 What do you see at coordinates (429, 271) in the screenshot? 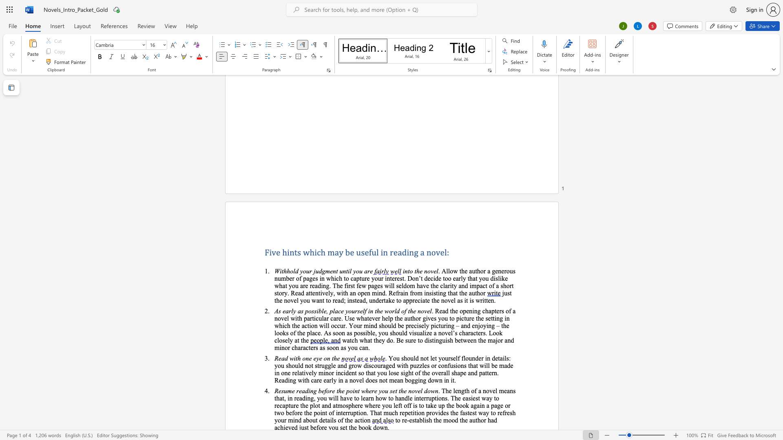
I see `the 2th character "o" in the text` at bounding box center [429, 271].